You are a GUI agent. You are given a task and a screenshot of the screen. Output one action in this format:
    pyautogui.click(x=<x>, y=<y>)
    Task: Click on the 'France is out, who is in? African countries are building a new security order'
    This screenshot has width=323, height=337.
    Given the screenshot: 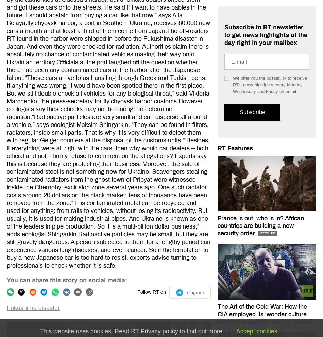 What is the action you would take?
    pyautogui.click(x=260, y=225)
    